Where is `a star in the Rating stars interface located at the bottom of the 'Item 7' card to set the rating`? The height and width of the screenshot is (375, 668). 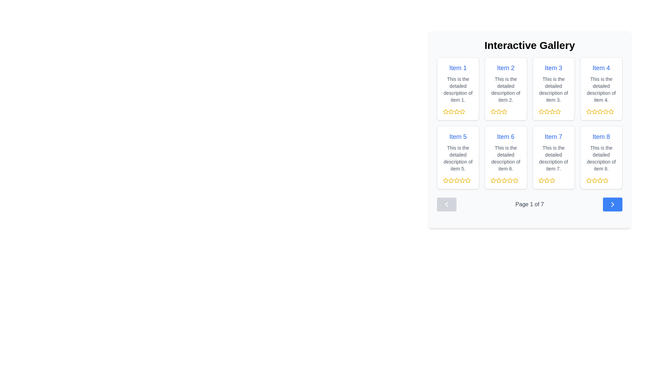
a star in the Rating stars interface located at the bottom of the 'Item 7' card to set the rating is located at coordinates (553, 180).